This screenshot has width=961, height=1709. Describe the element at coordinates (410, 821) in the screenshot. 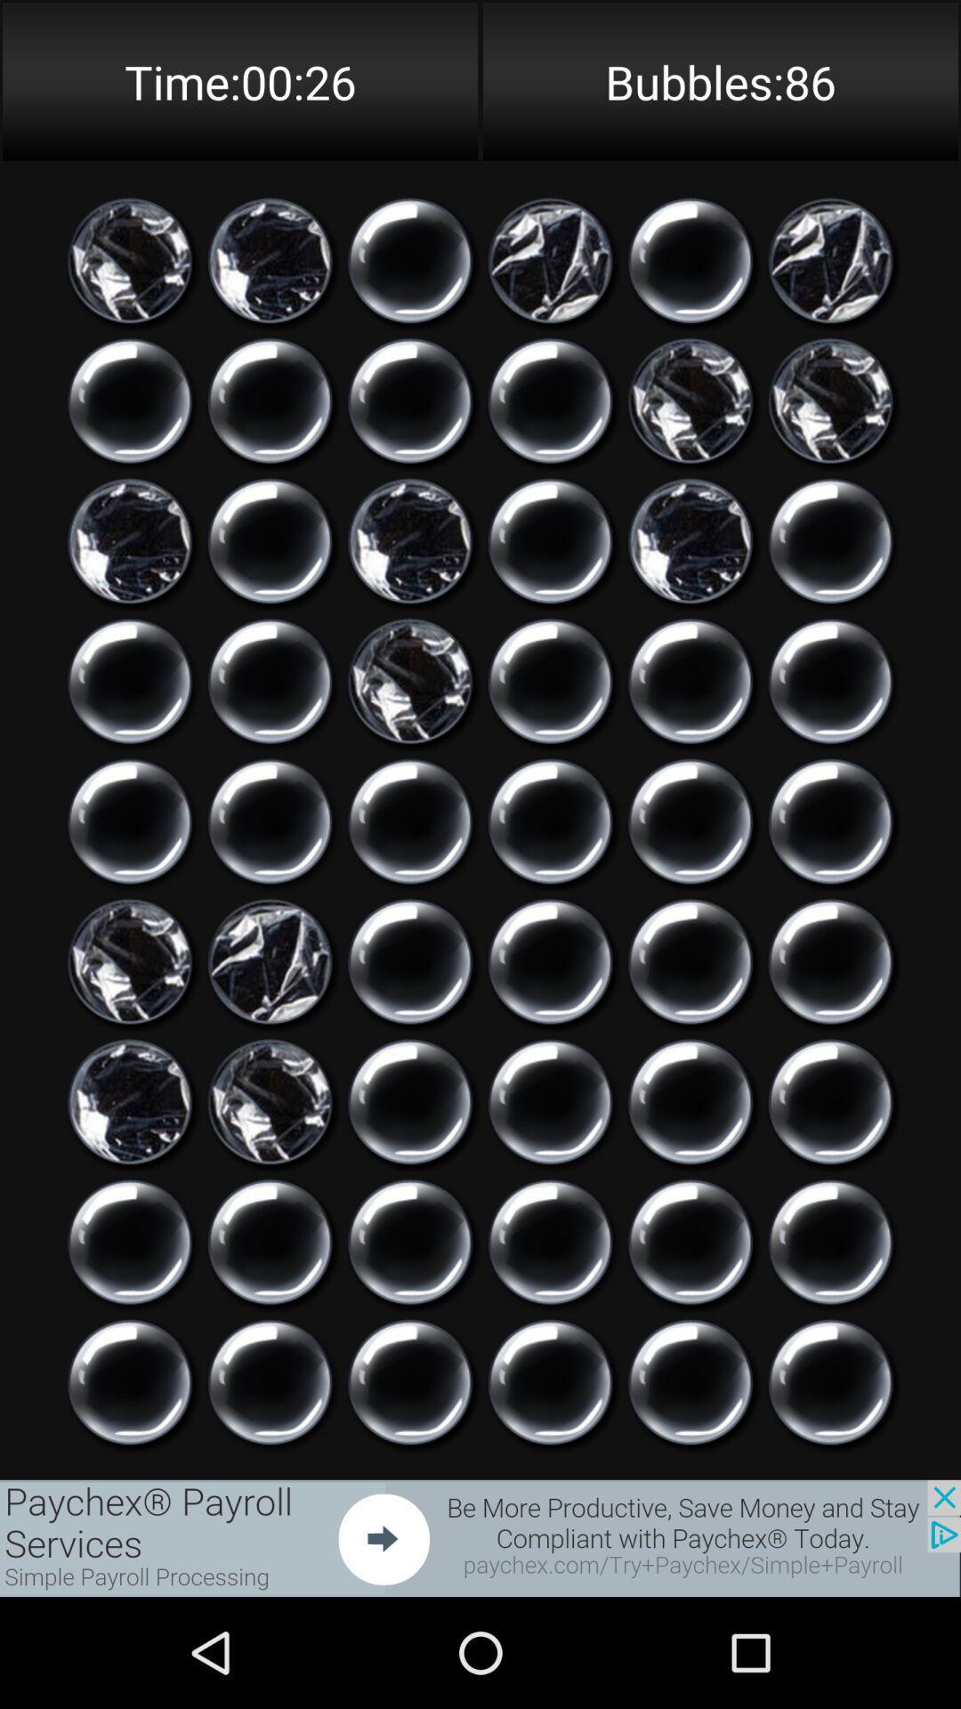

I see `gaming bubbles` at that location.